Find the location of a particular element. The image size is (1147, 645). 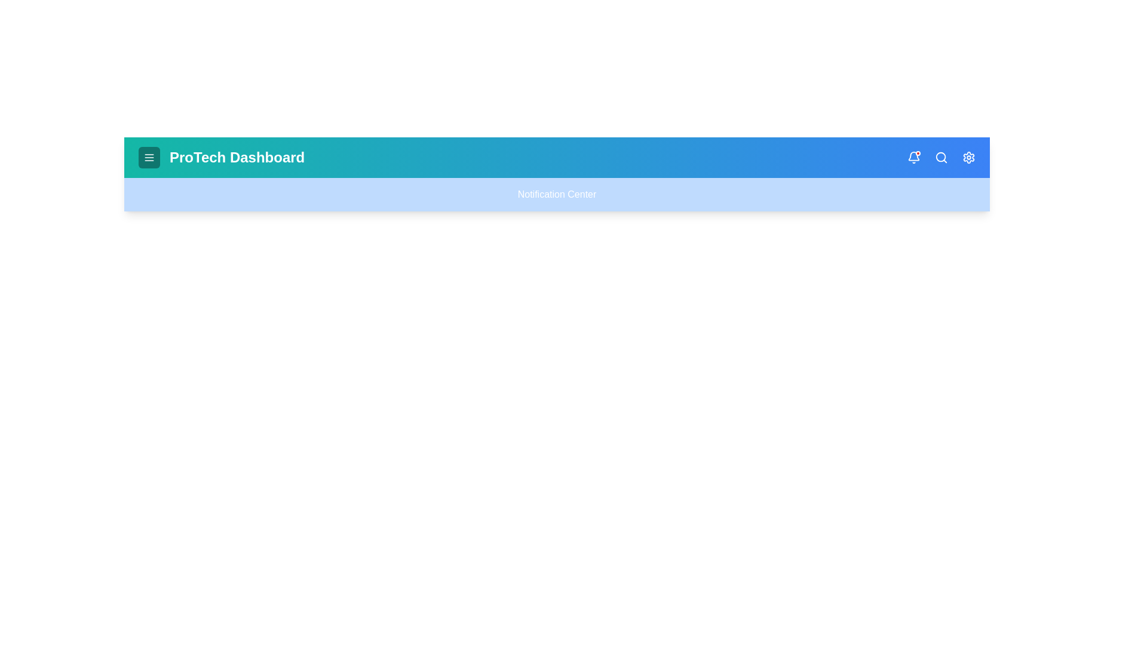

the menu button to access the menu is located at coordinates (148, 156).